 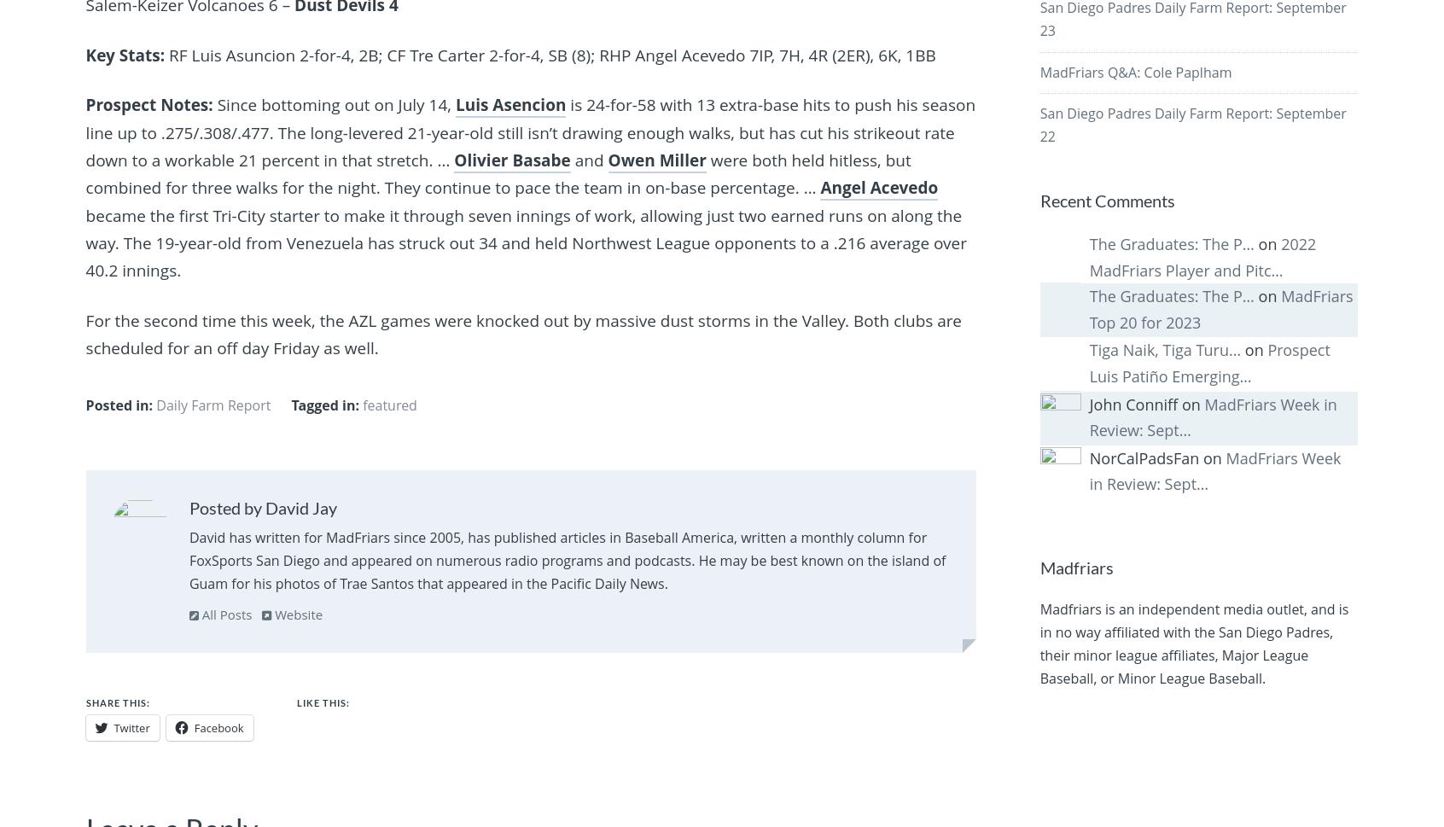 What do you see at coordinates (84, 702) in the screenshot?
I see `'Share this:'` at bounding box center [84, 702].